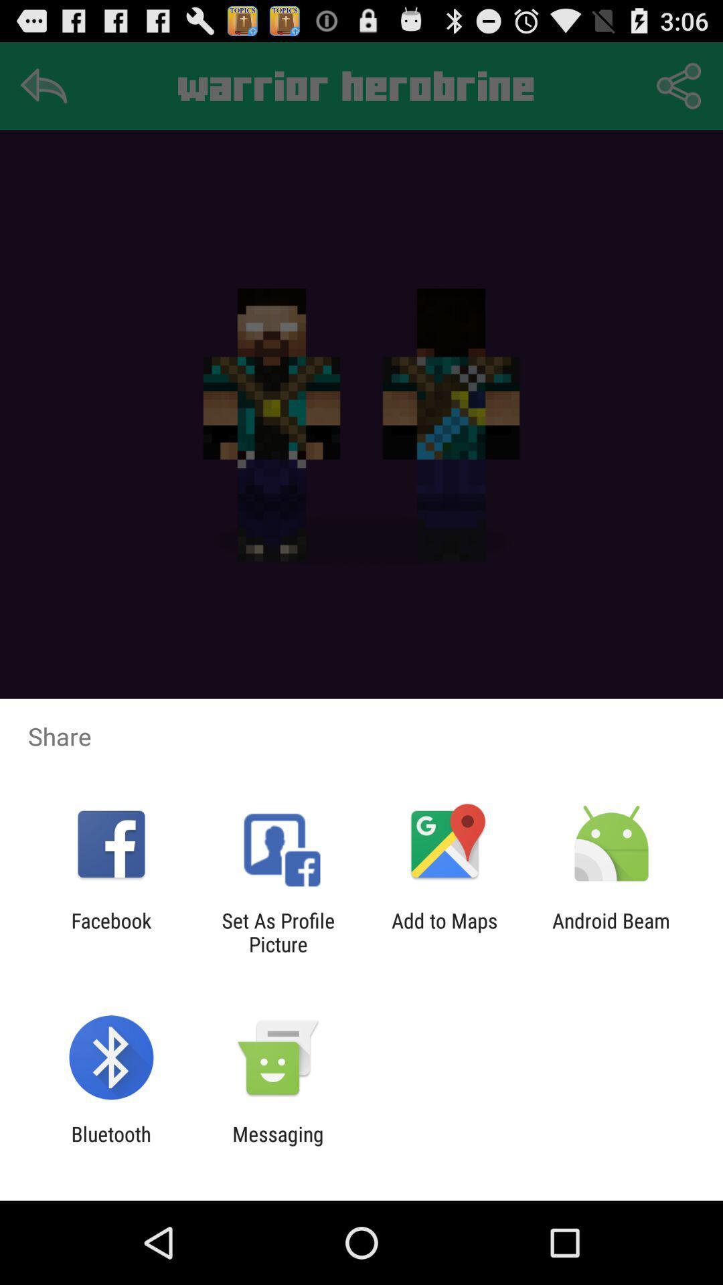  I want to click on app next to add to maps app, so click(277, 932).